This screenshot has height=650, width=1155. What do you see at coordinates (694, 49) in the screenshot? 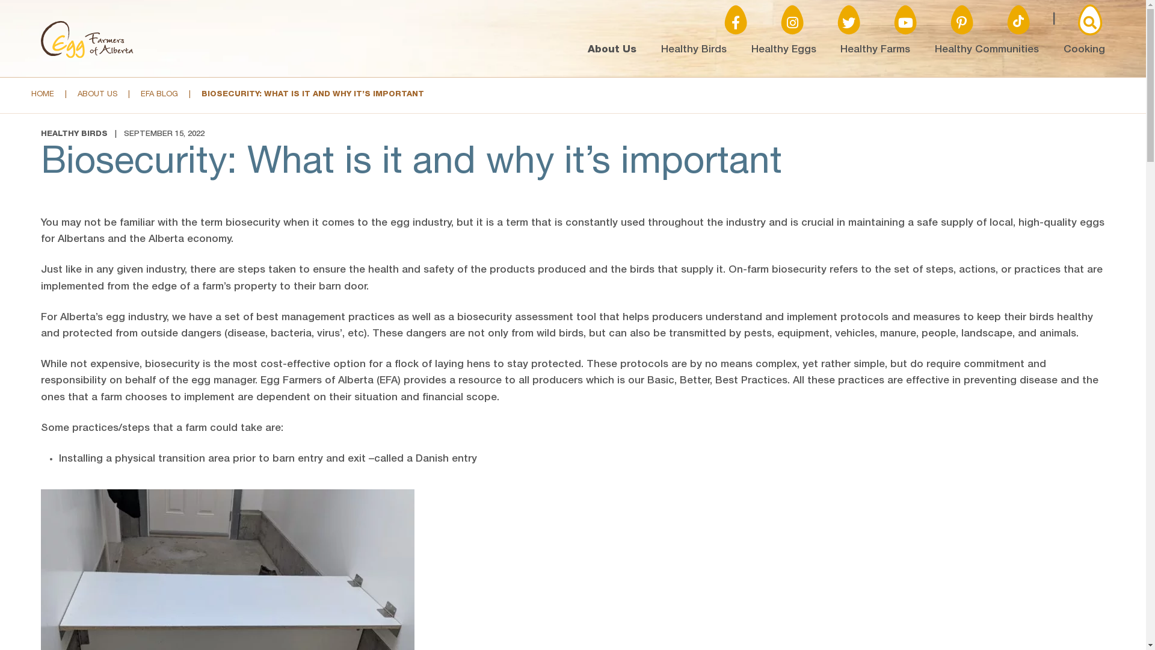
I see `'Healthy Birds'` at bounding box center [694, 49].